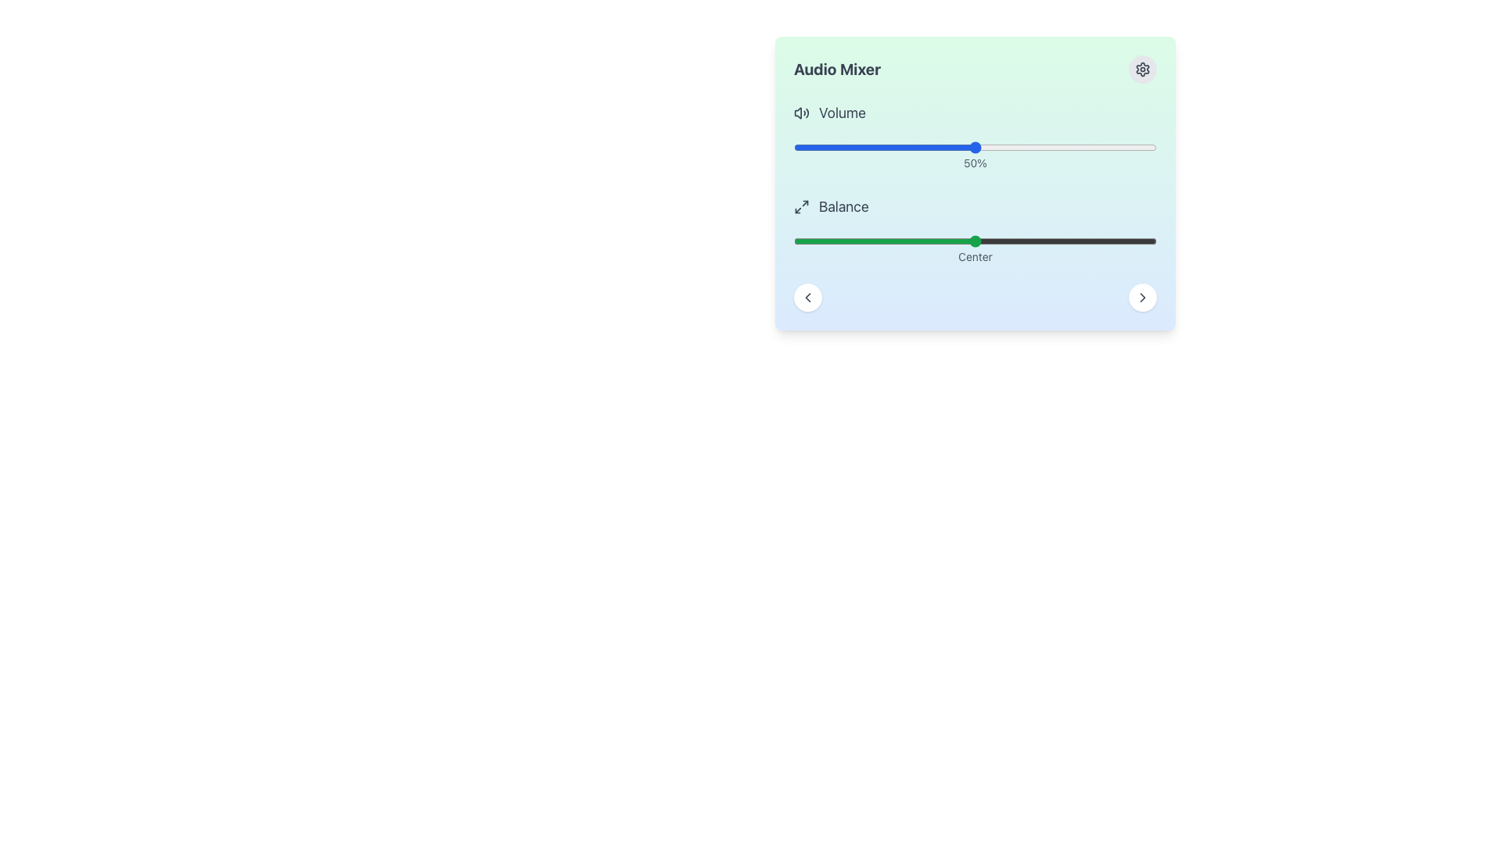  Describe the element at coordinates (814, 148) in the screenshot. I see `the volume` at that location.